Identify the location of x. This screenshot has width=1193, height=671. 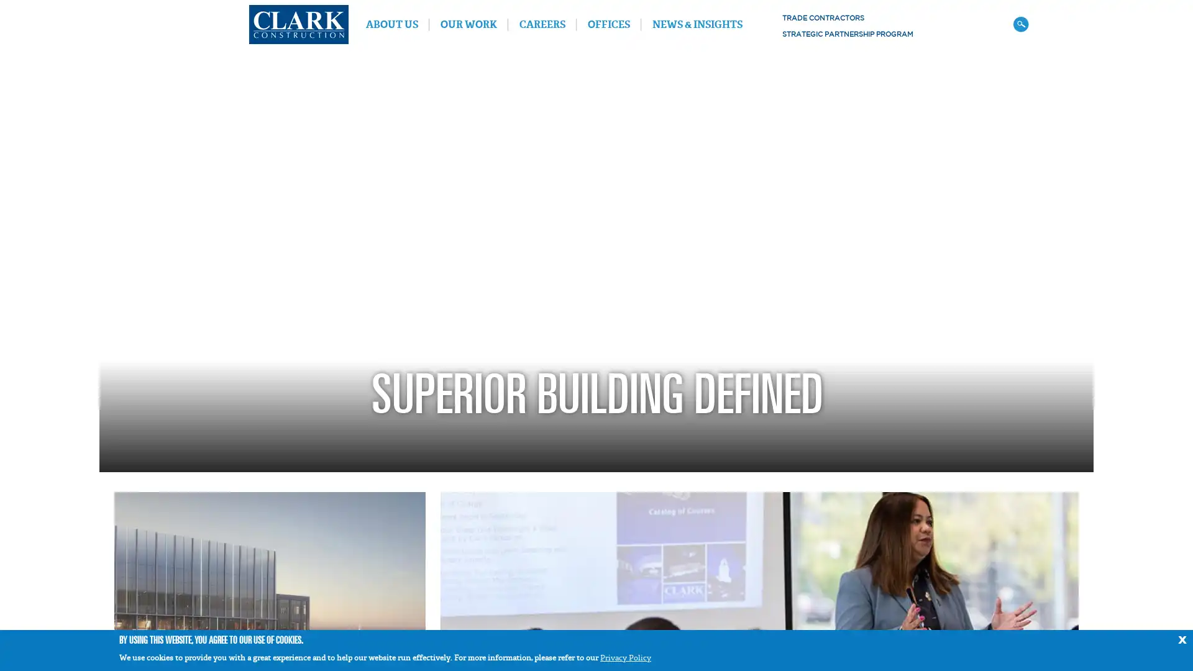
(1181, 638).